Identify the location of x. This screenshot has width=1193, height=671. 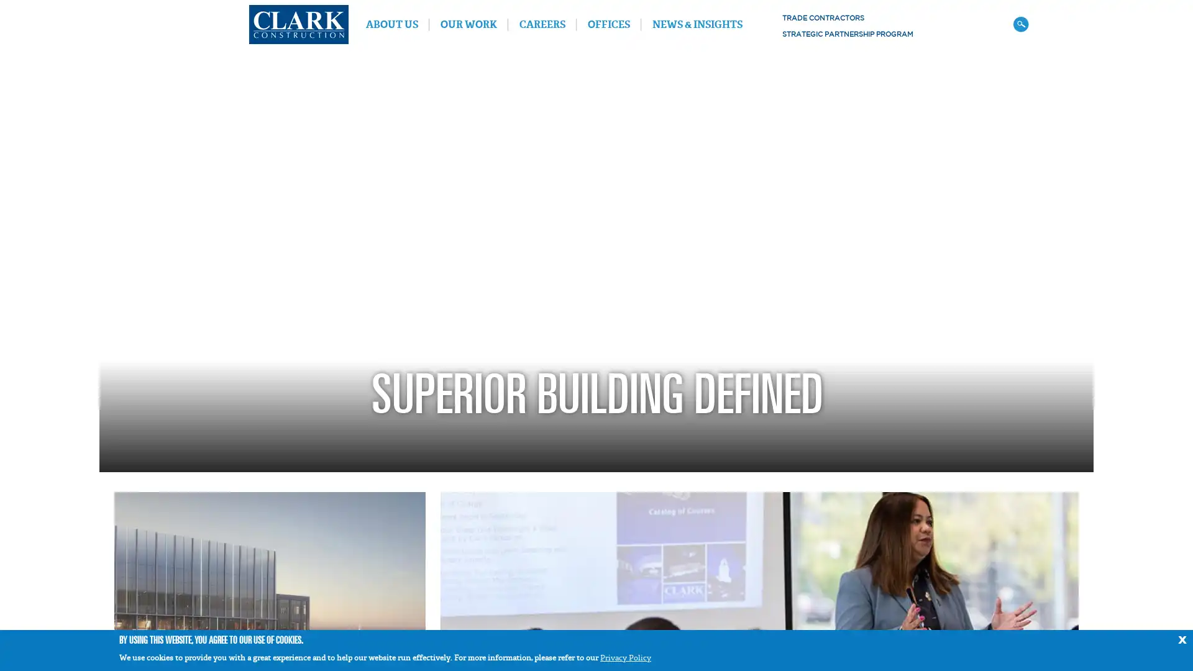
(1181, 638).